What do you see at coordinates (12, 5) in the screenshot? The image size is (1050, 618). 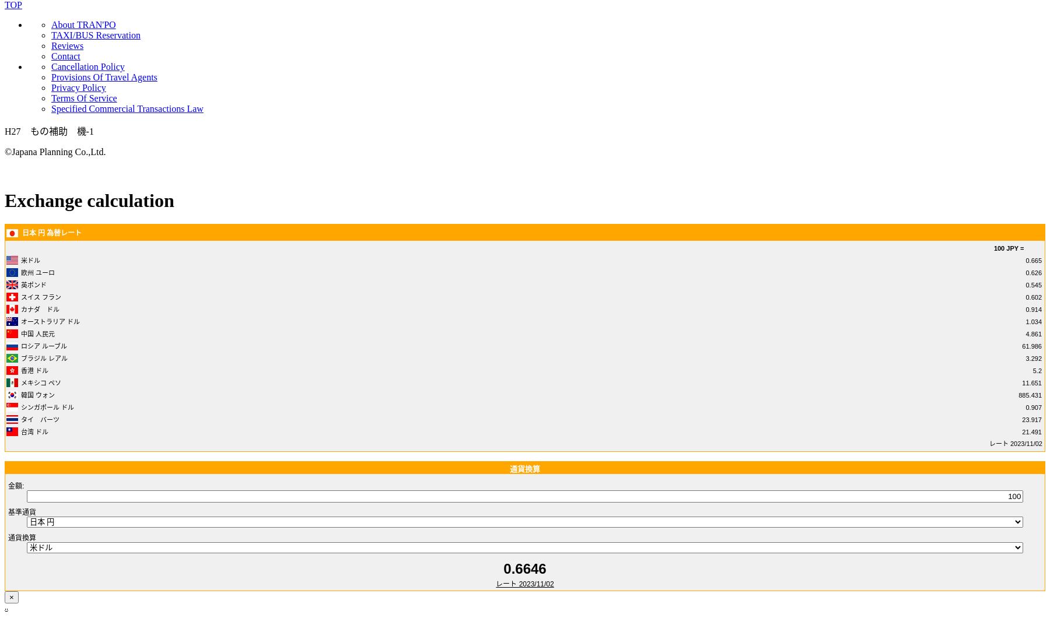 I see `'TOP'` at bounding box center [12, 5].